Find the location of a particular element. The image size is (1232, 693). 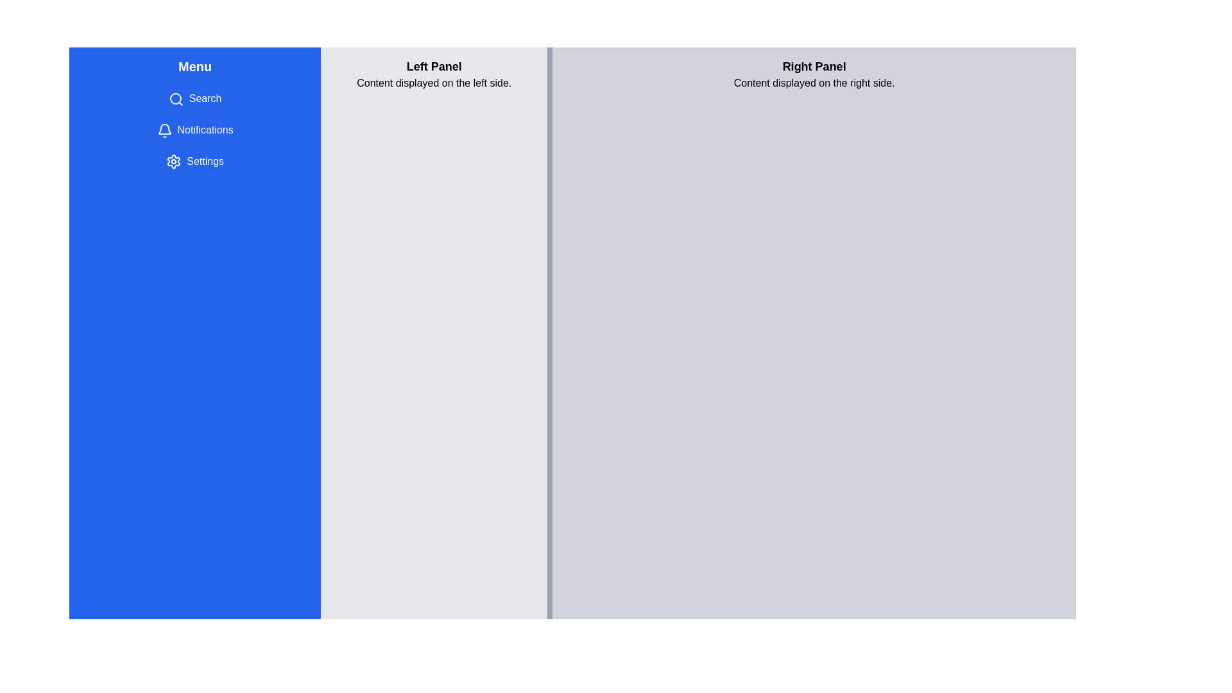

the lower portion of the bell notification icon located in the 'Notifications' section of the side menu, which is part of a minimalistic outline style on a blue background is located at coordinates (164, 128).